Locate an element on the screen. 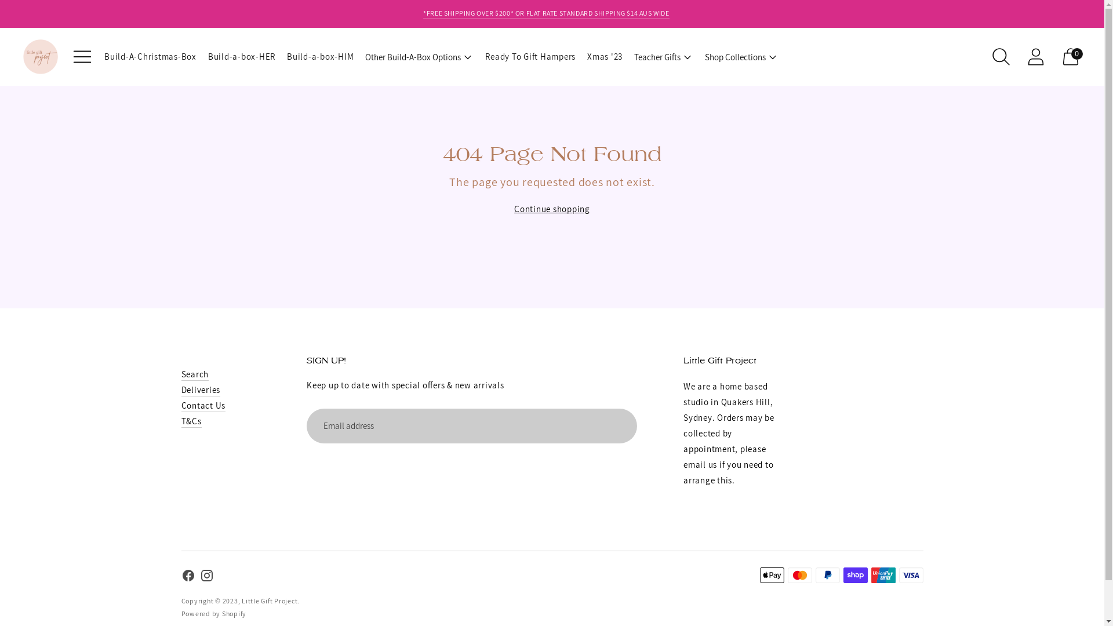 The height and width of the screenshot is (626, 1113). 'Shop Collections' is located at coordinates (741, 56).